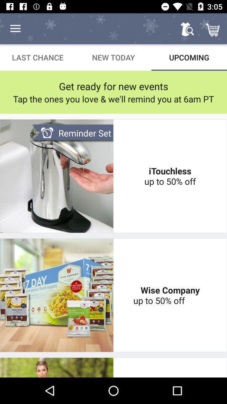  What do you see at coordinates (170, 175) in the screenshot?
I see `itouchless up to` at bounding box center [170, 175].